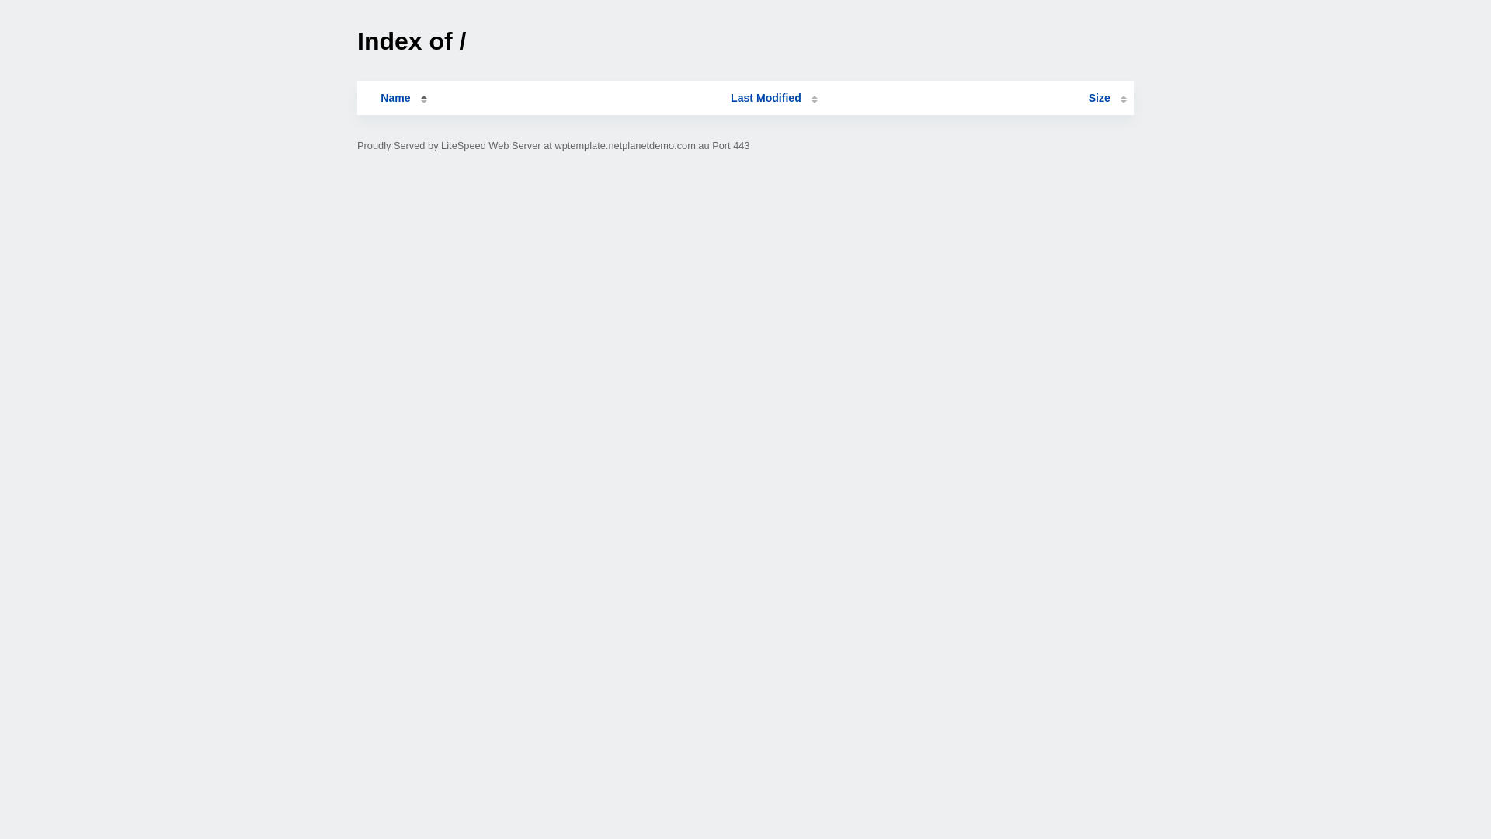 The width and height of the screenshot is (1491, 839). I want to click on 'Size', so click(1107, 98).